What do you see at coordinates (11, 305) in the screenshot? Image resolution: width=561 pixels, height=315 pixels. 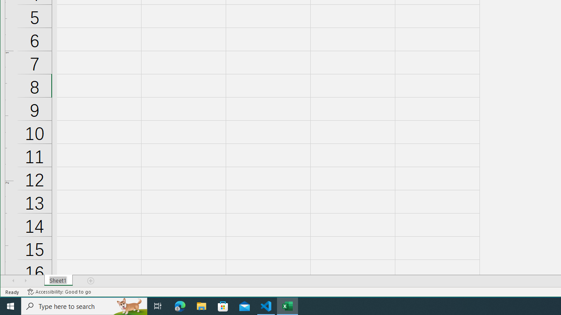 I see `'Start'` at bounding box center [11, 305].